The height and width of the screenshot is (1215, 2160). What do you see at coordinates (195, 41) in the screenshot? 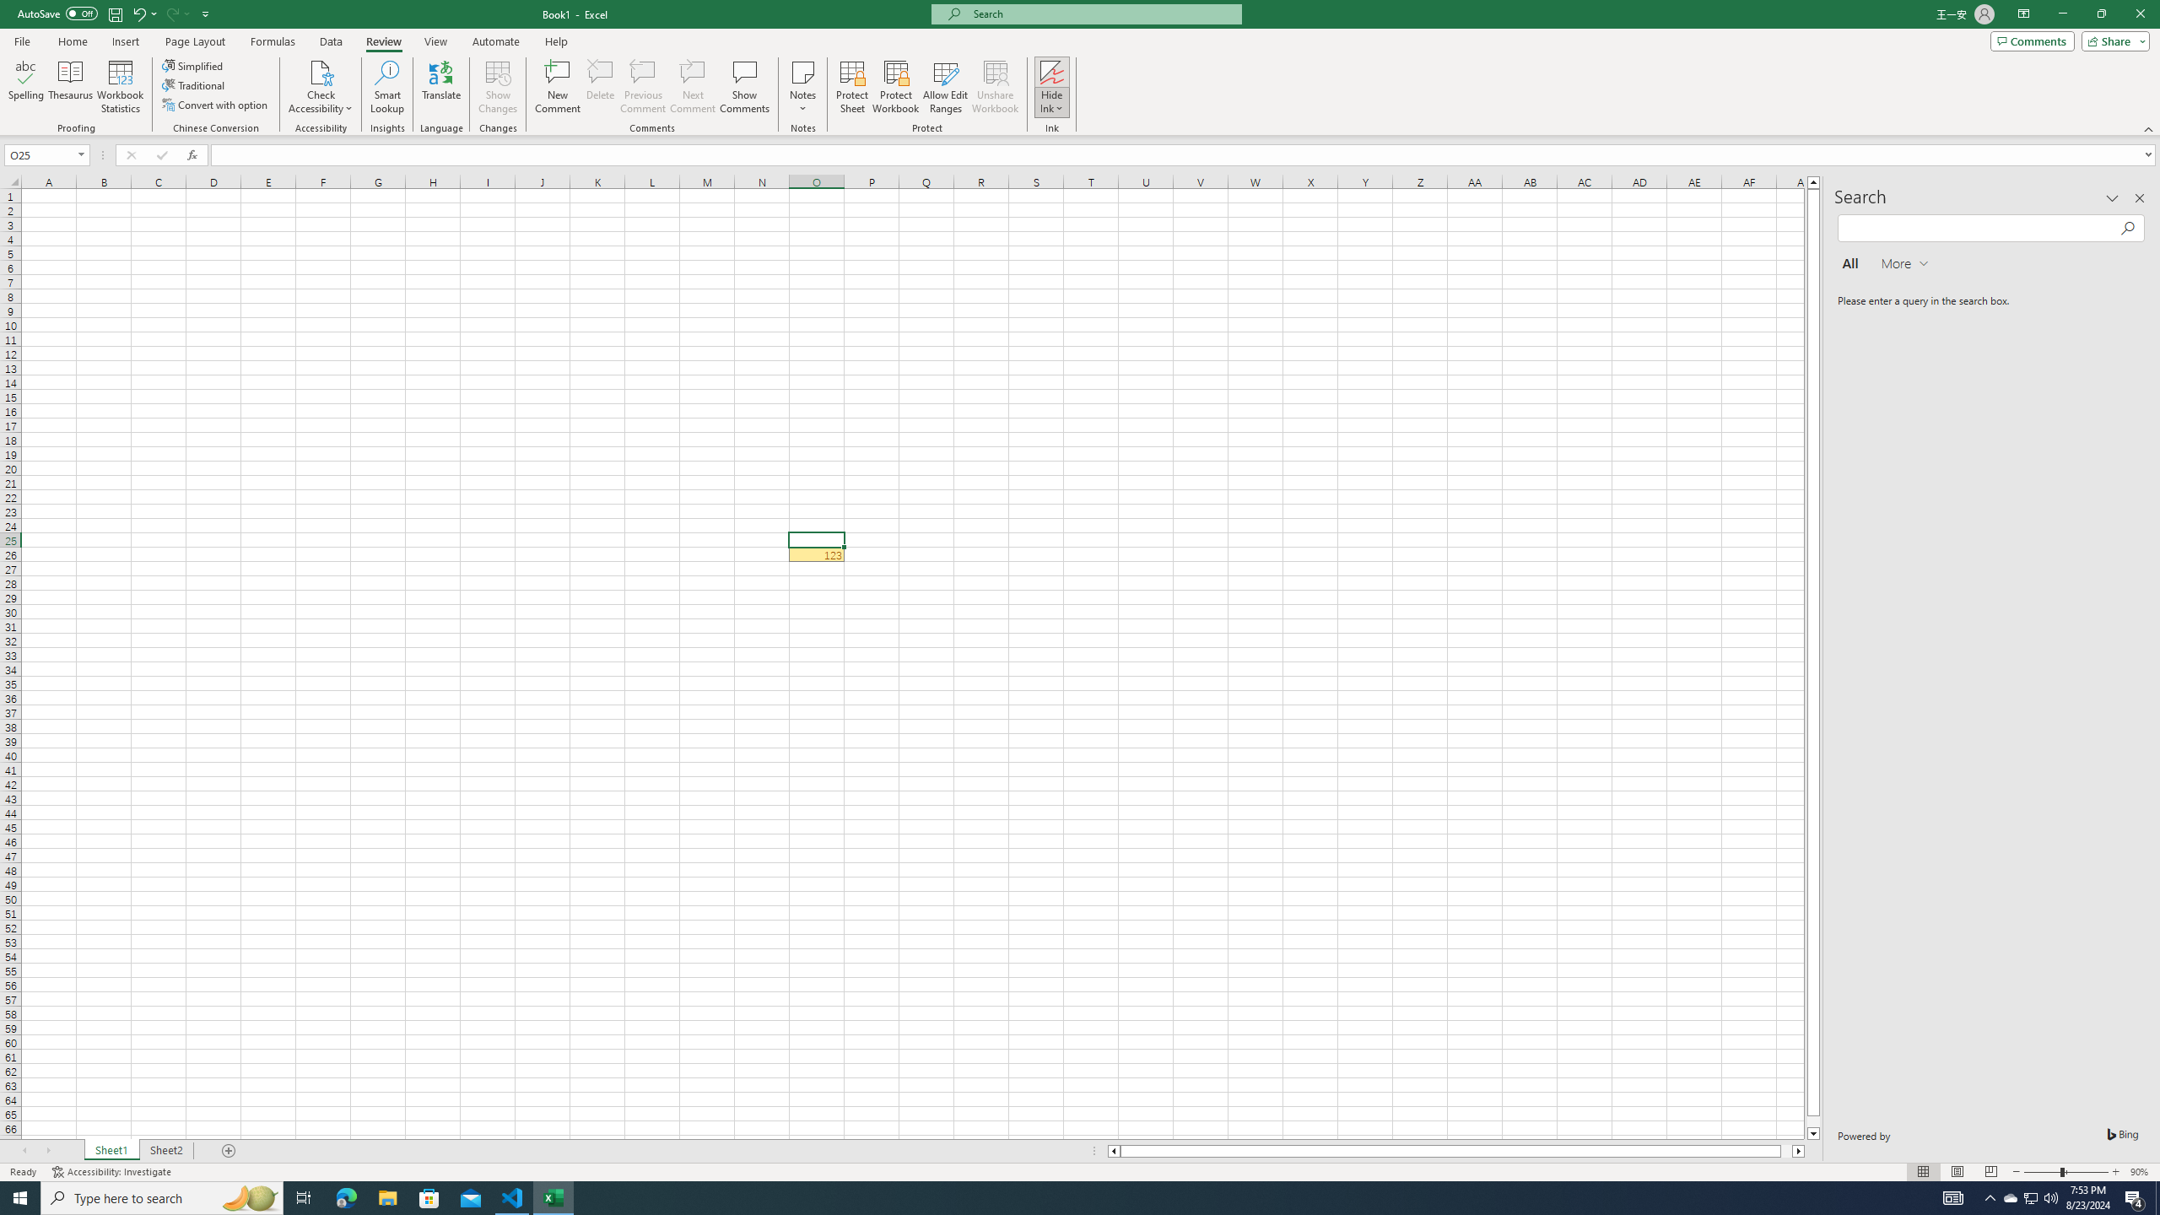
I see `'Page Layout'` at bounding box center [195, 41].